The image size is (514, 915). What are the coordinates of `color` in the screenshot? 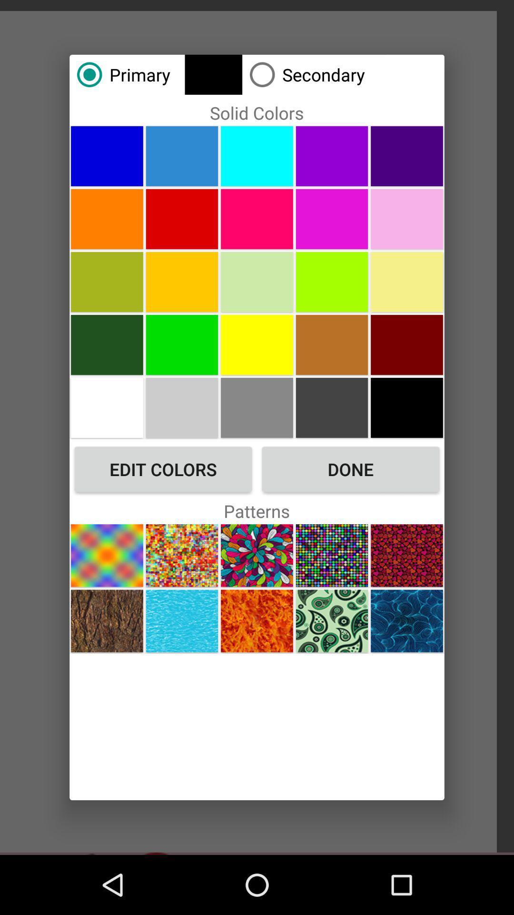 It's located at (107, 407).